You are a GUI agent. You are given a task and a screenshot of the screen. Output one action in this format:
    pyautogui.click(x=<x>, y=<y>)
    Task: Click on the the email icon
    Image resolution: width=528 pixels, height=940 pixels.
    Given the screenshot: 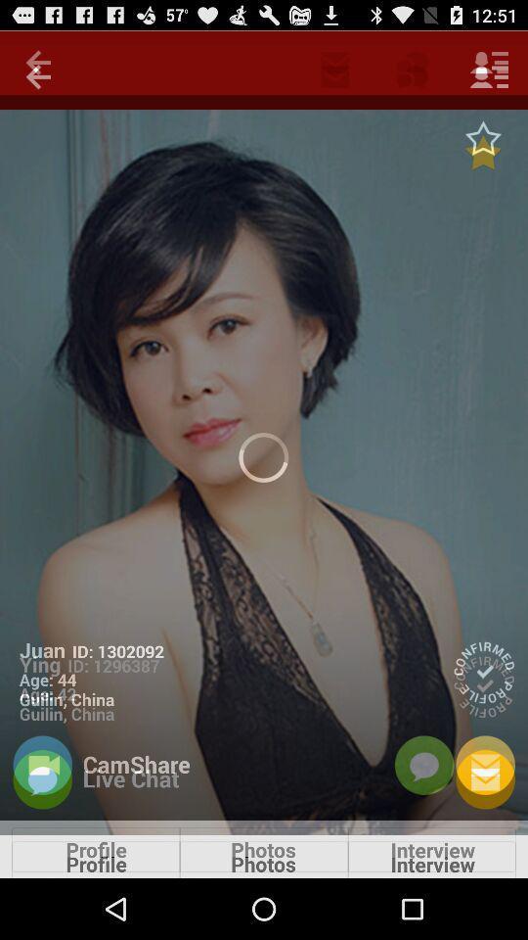 What is the action you would take?
    pyautogui.click(x=484, y=819)
    